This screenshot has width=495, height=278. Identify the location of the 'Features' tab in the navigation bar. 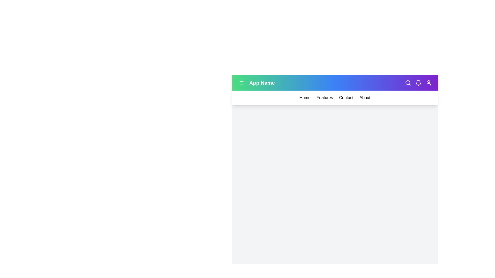
(324, 98).